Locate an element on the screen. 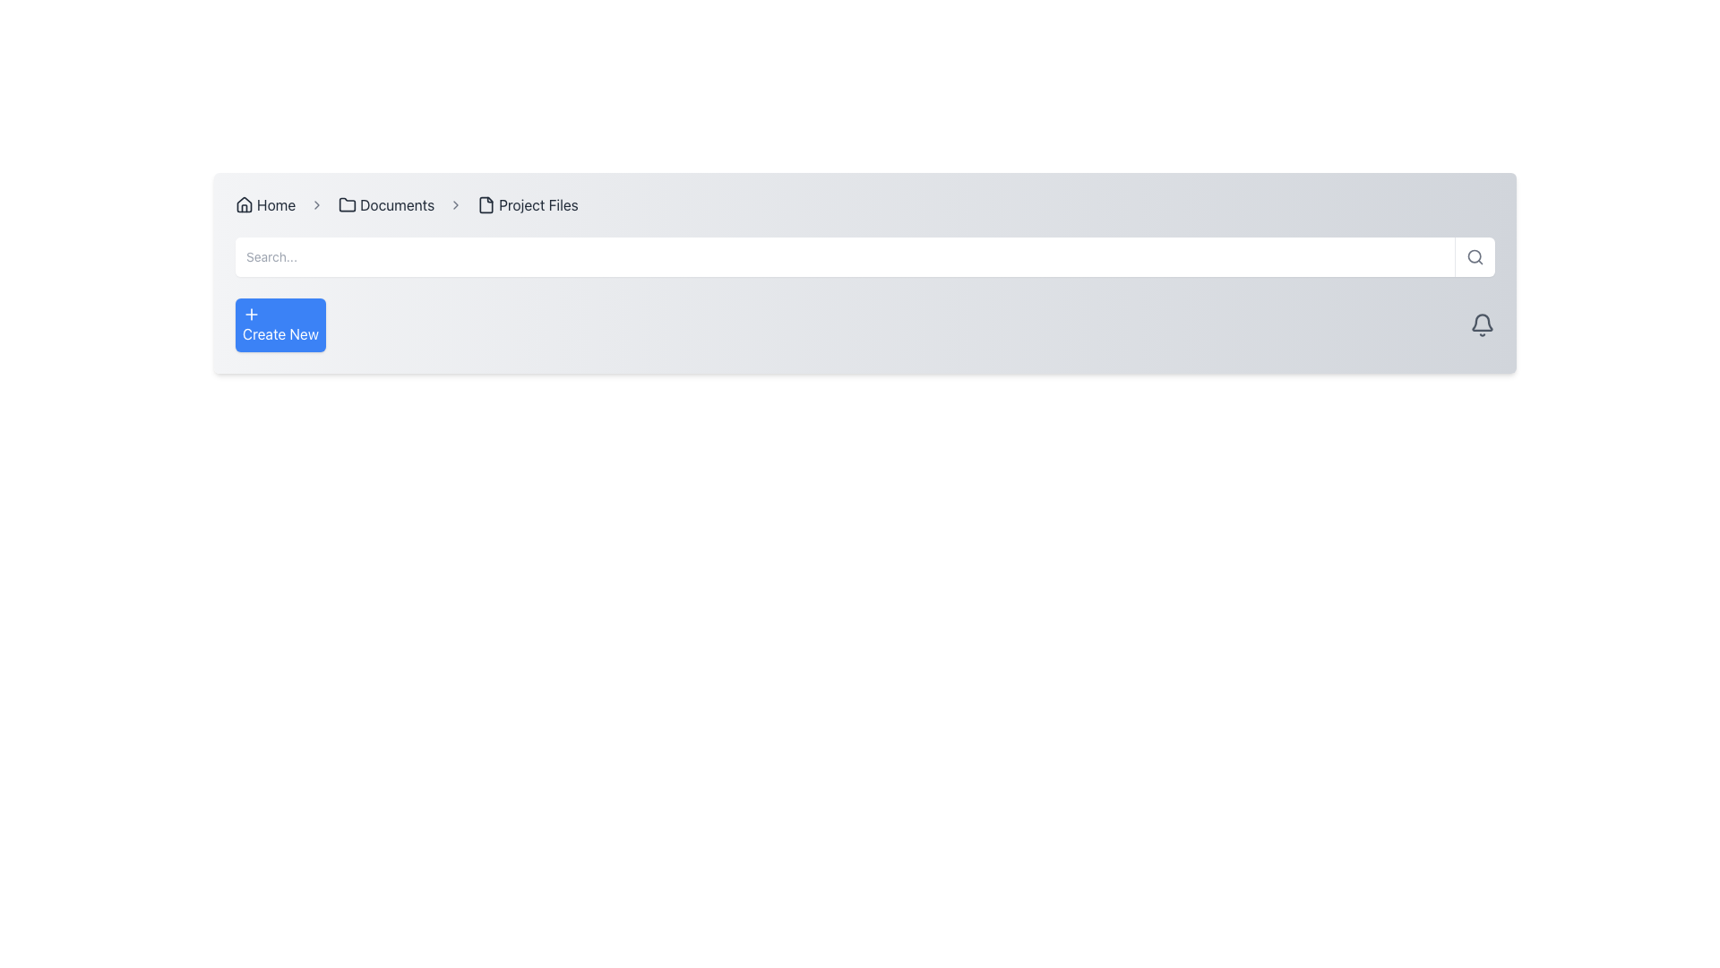 Image resolution: width=1720 pixels, height=968 pixels. the first chevron icon in the breadcrumb navigation that separates 'Home' and 'Documents' is located at coordinates (317, 203).